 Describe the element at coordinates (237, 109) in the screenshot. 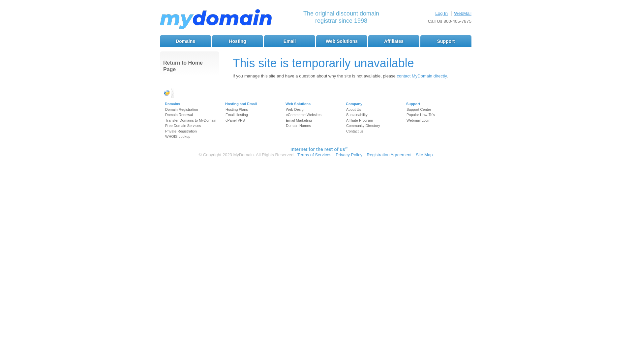

I see `'Hosting Plans'` at that location.